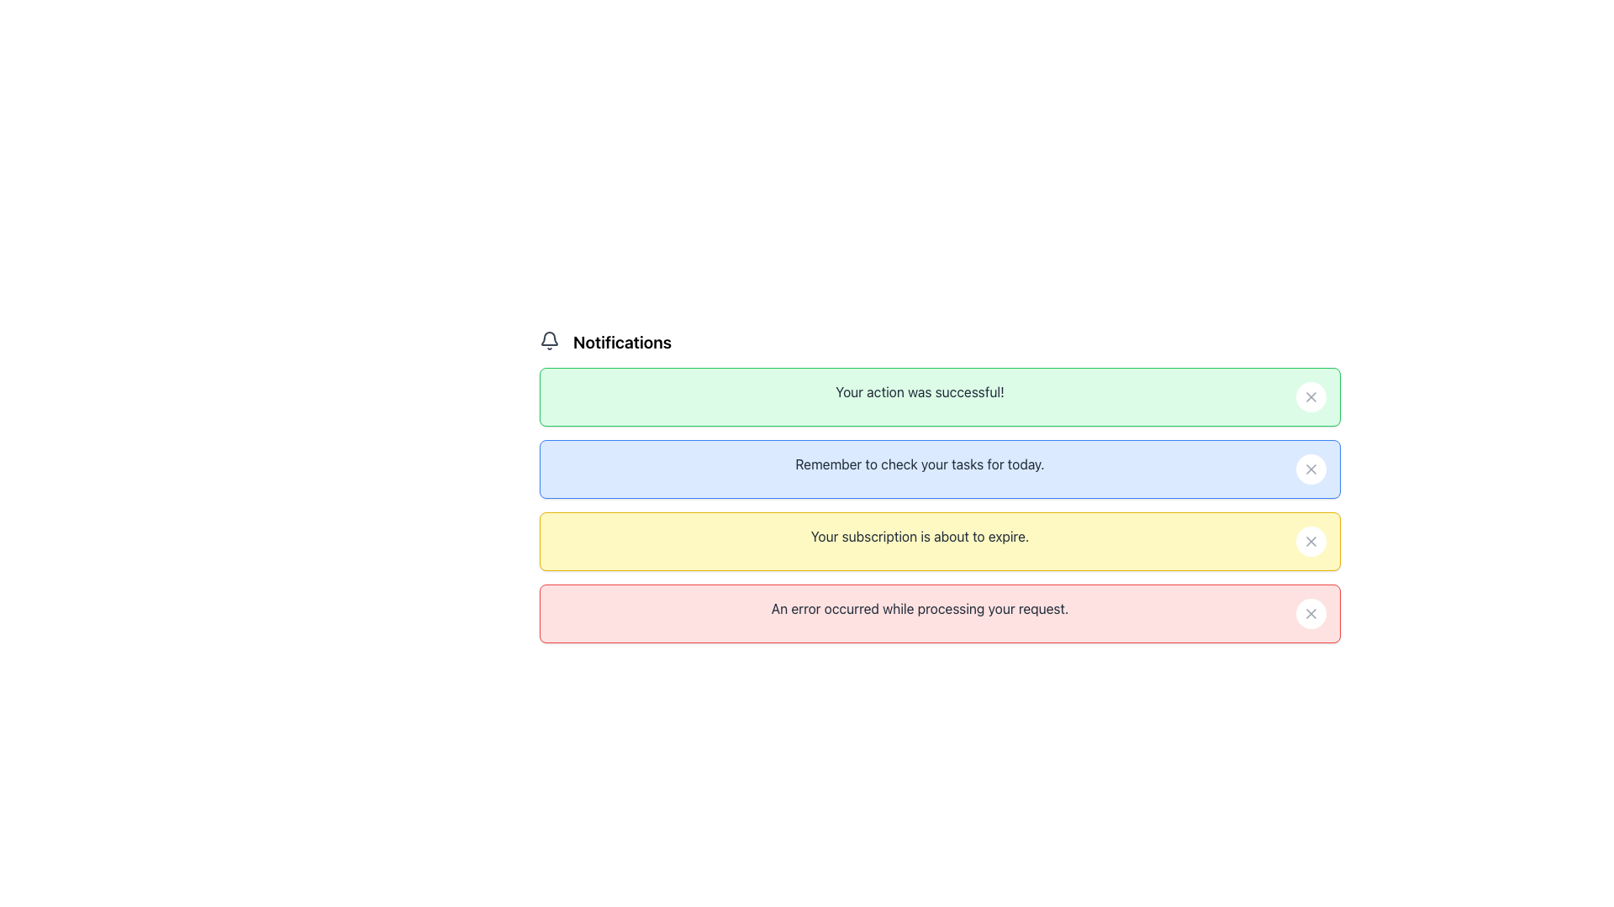 This screenshot has width=1614, height=907. What do you see at coordinates (1311, 397) in the screenshot?
I see `the close button located at the rightmost part of the green notification bar, adjacent to the text 'Your action was successful!'` at bounding box center [1311, 397].